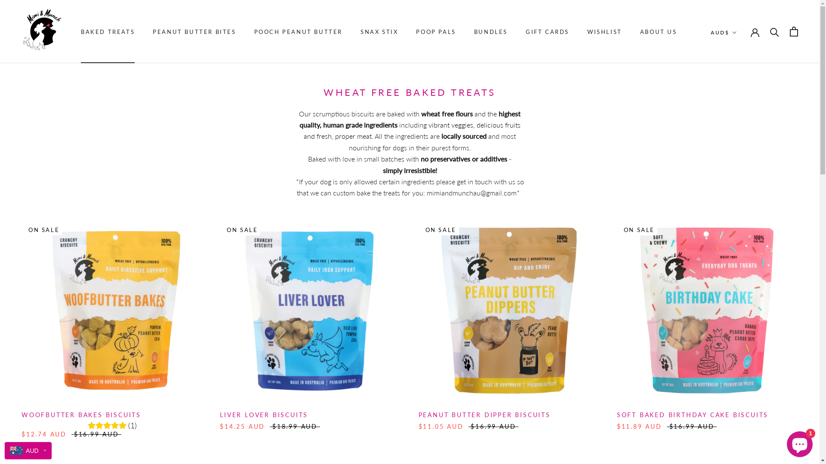 Image resolution: width=826 pixels, height=464 pixels. Describe the element at coordinates (604, 31) in the screenshot. I see `'WISHLIST` at that location.